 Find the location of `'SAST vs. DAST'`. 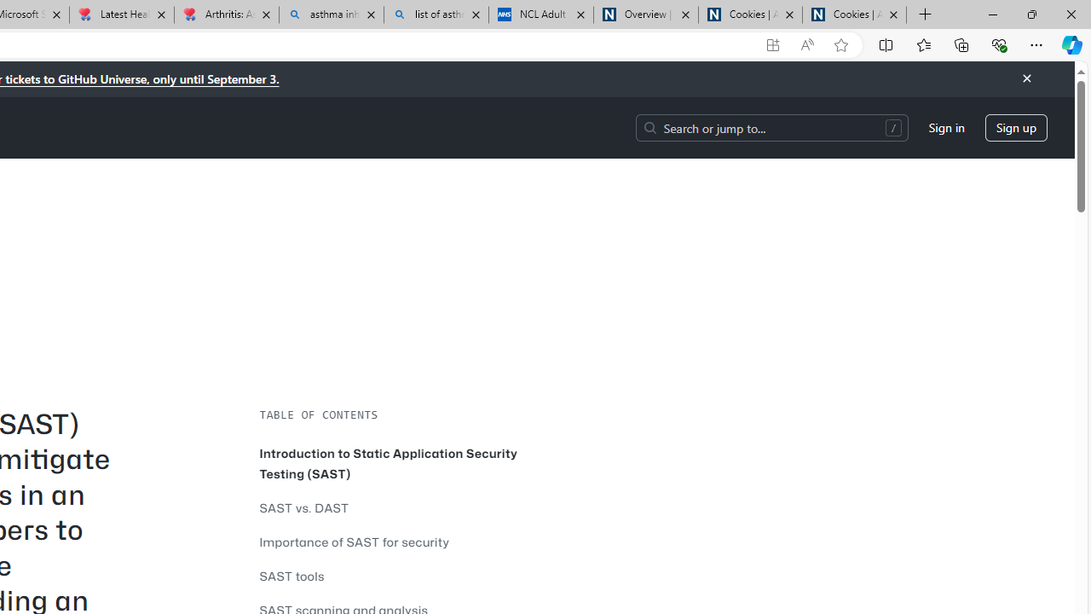

'SAST vs. DAST' is located at coordinates (304, 507).